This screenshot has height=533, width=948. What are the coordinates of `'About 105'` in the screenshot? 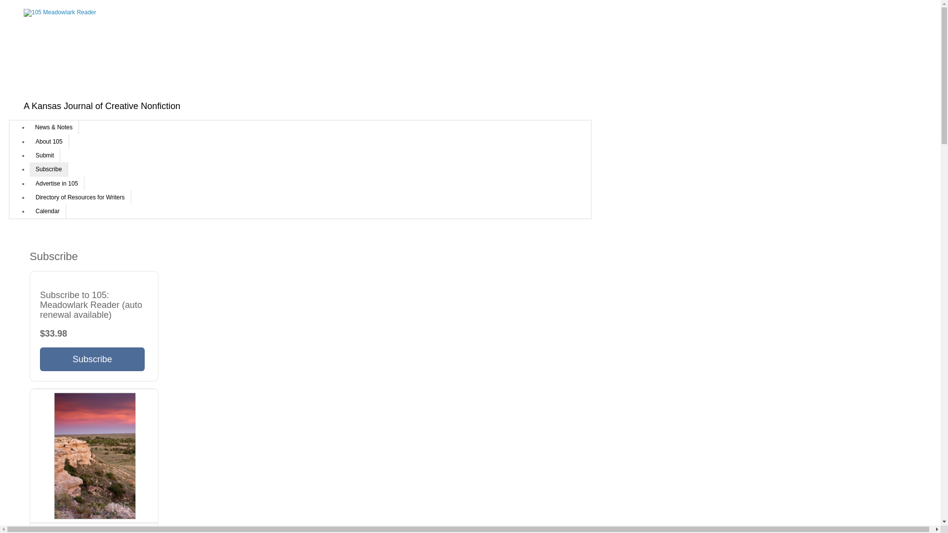 It's located at (48, 141).